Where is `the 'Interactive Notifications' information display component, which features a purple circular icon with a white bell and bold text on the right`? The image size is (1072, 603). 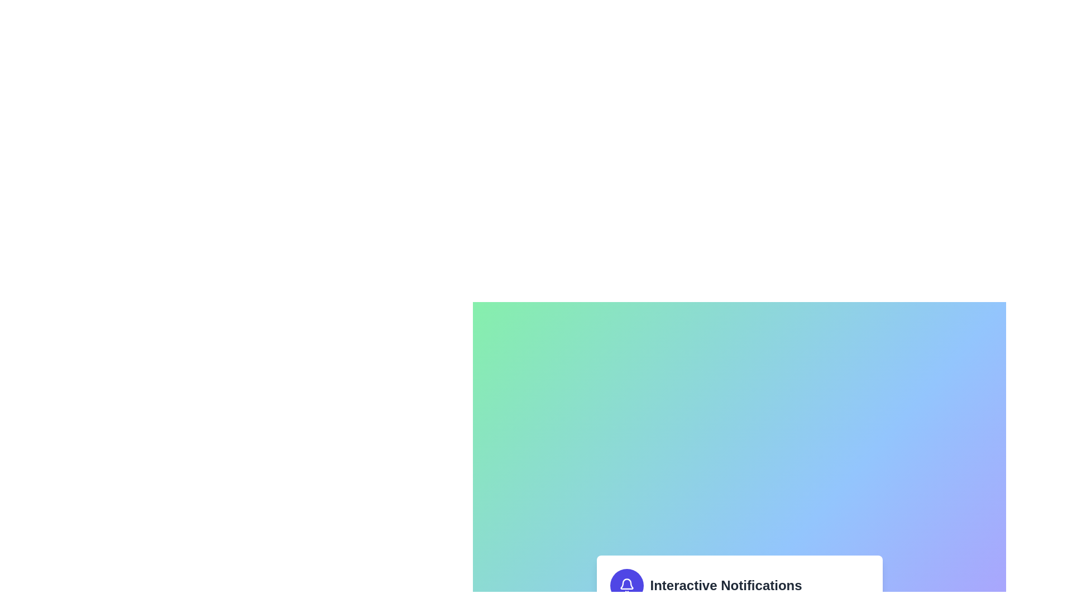
the 'Interactive Notifications' information display component, which features a purple circular icon with a white bell and bold text on the right is located at coordinates (739, 585).